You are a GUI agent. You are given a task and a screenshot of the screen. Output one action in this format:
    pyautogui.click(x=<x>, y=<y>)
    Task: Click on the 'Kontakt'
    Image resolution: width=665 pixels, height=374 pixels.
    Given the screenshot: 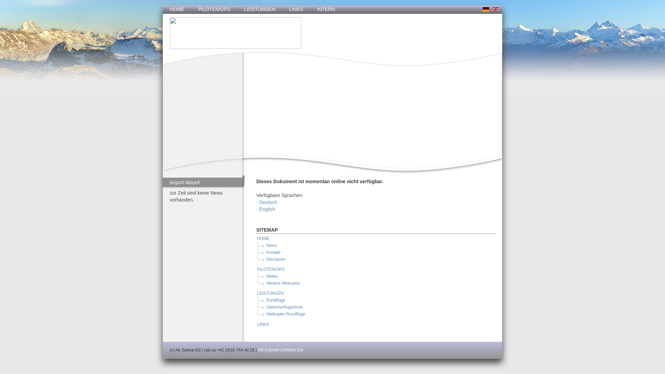 What is the action you would take?
    pyautogui.click(x=265, y=252)
    